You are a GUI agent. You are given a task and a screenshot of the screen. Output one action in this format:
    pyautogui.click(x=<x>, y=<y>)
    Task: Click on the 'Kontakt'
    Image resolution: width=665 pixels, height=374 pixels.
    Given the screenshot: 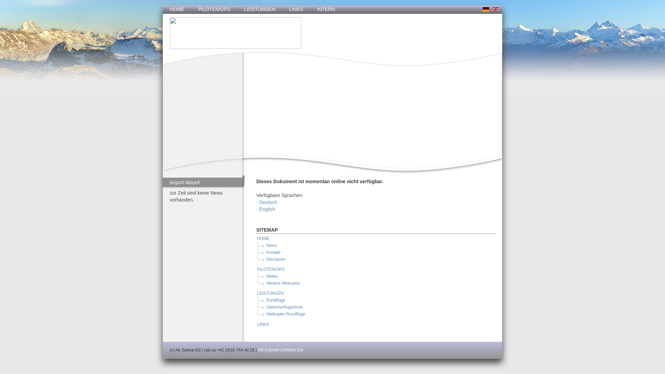 What is the action you would take?
    pyautogui.click(x=265, y=252)
    